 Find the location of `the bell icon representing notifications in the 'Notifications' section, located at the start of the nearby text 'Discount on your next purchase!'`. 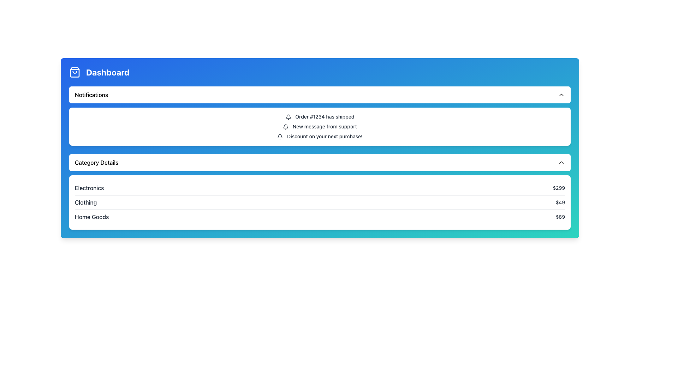

the bell icon representing notifications in the 'Notifications' section, located at the start of the nearby text 'Discount on your next purchase!' is located at coordinates (280, 137).